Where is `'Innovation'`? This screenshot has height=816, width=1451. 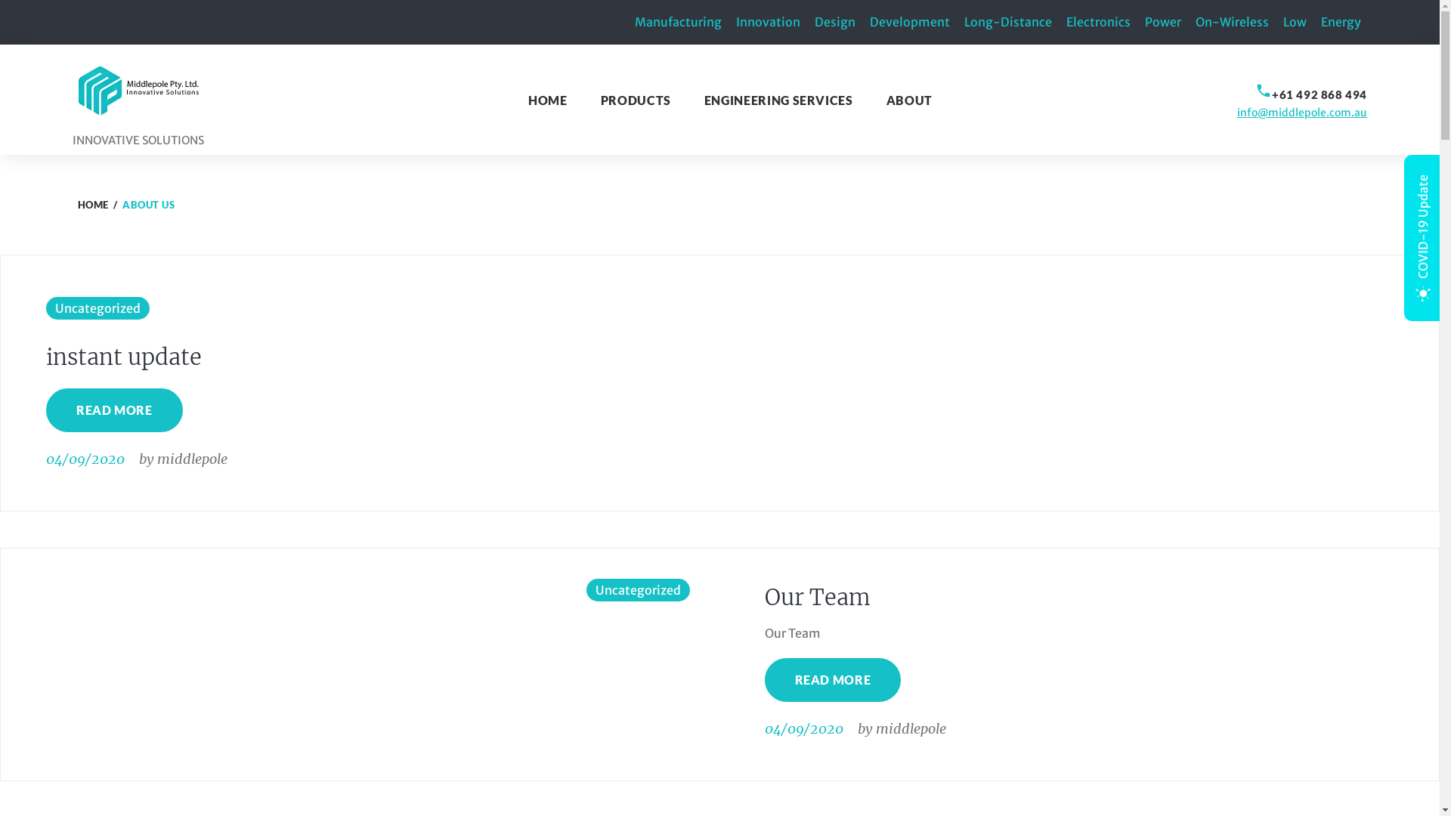 'Innovation' is located at coordinates (768, 22).